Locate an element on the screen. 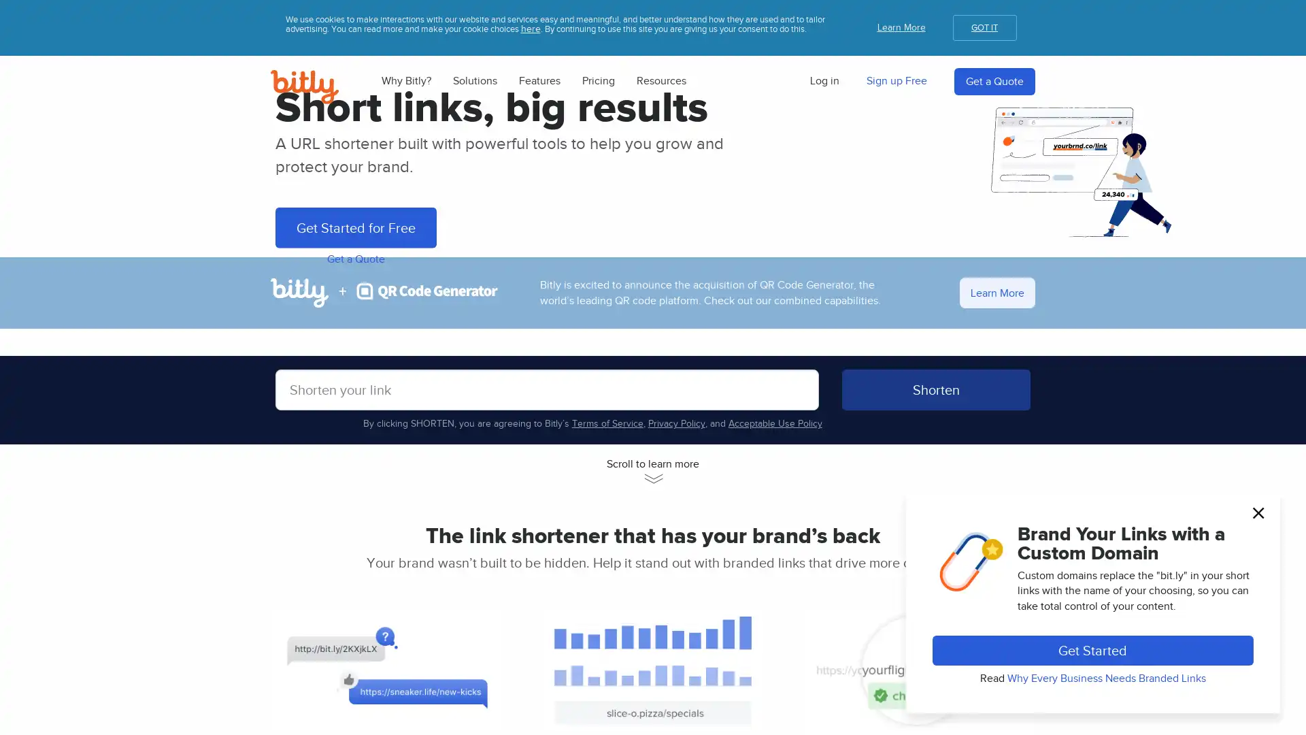  Shorten is located at coordinates (935, 627).